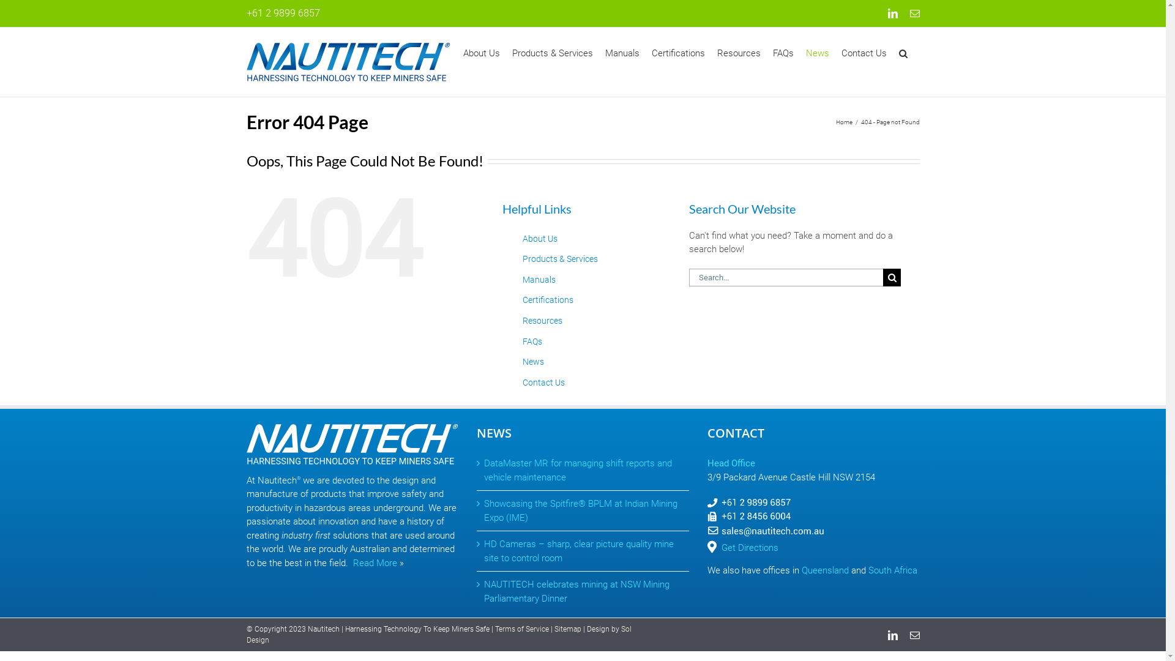  What do you see at coordinates (523, 299) in the screenshot?
I see `'Certifications'` at bounding box center [523, 299].